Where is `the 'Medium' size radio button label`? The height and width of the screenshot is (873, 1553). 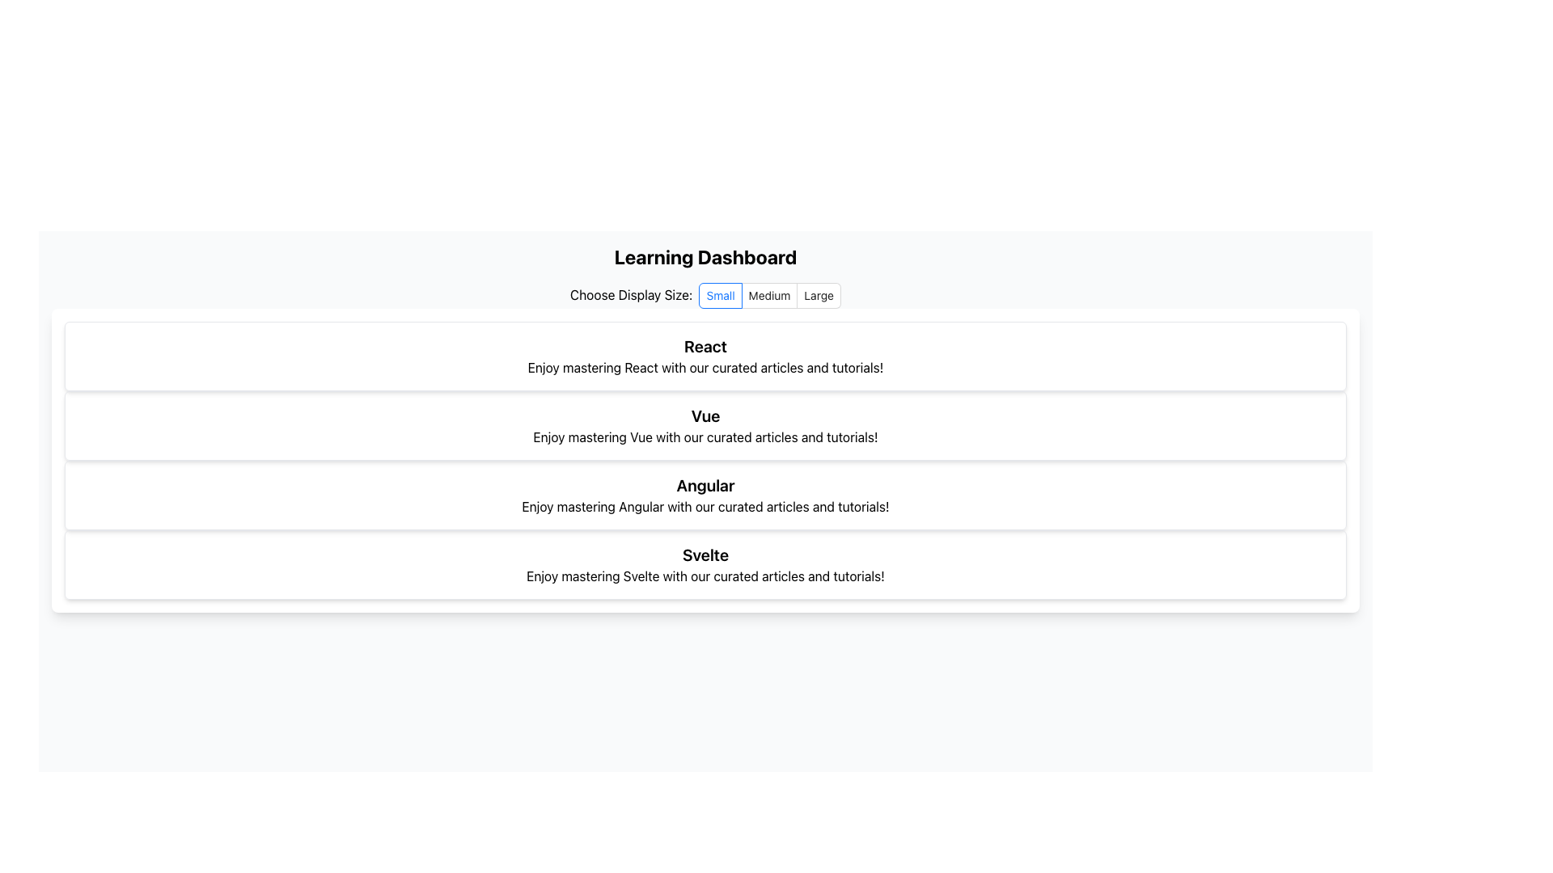 the 'Medium' size radio button label is located at coordinates (768, 295).